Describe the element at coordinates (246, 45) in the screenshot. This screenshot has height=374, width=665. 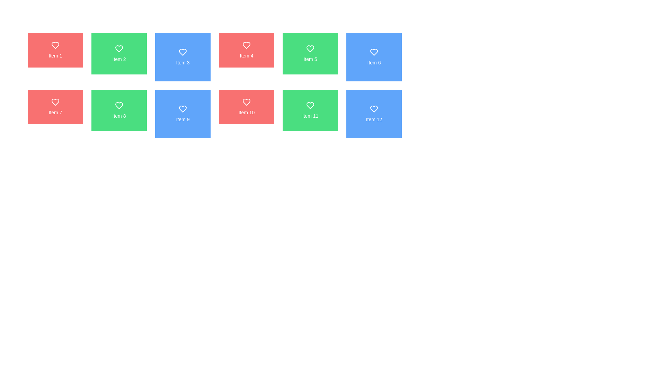
I see `the heart icon representing 'like' or 'favorite' action in 'Item 4' located in the top row and fourth column of the grid layout` at that location.